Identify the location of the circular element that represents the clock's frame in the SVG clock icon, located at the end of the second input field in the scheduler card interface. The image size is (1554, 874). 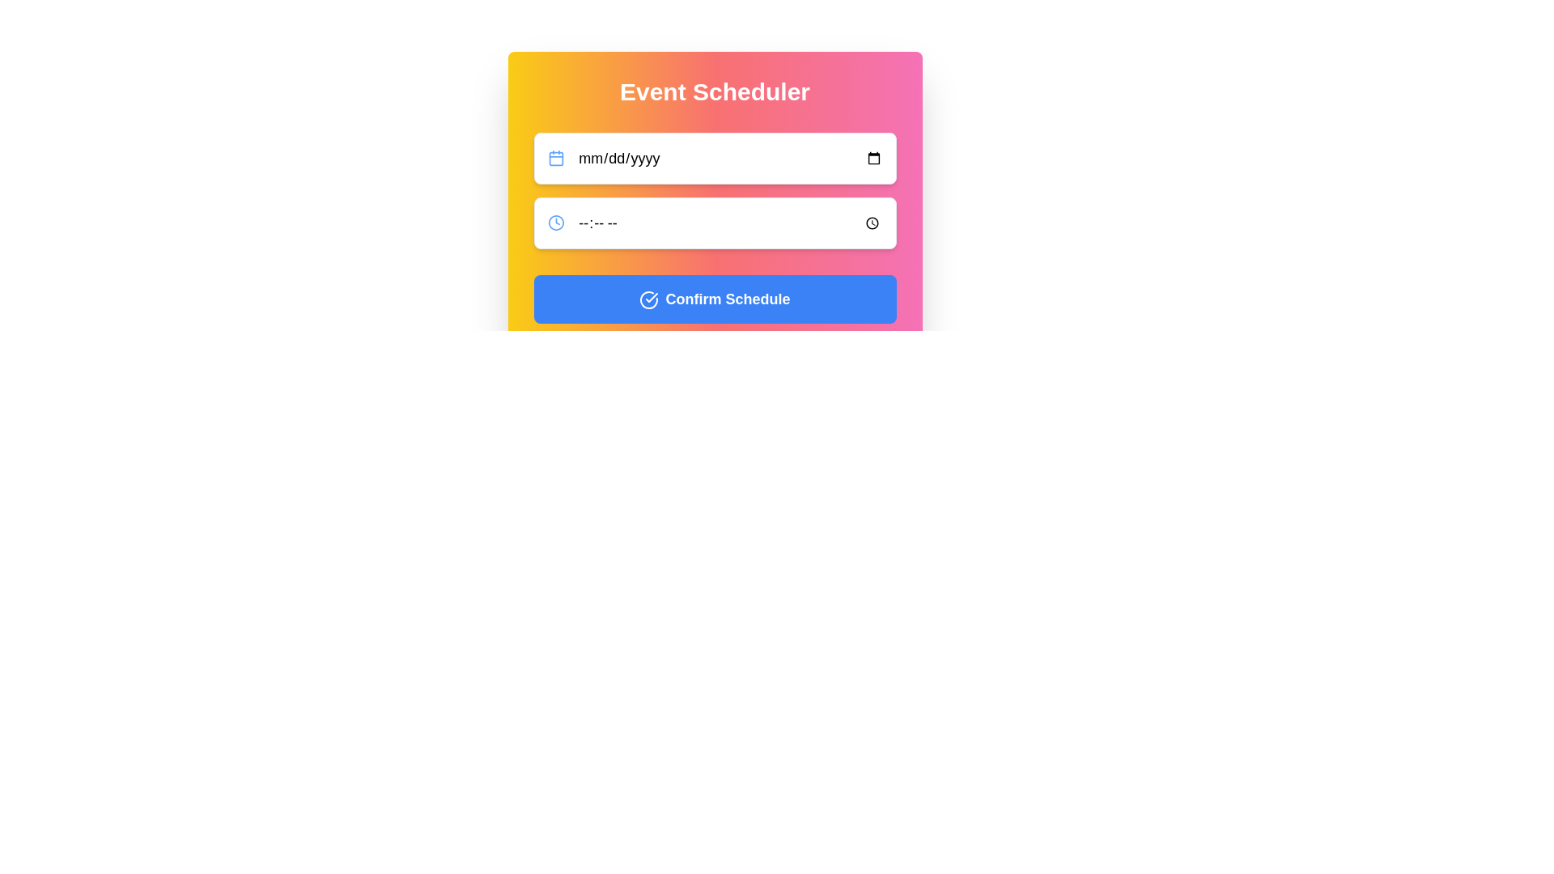
(556, 223).